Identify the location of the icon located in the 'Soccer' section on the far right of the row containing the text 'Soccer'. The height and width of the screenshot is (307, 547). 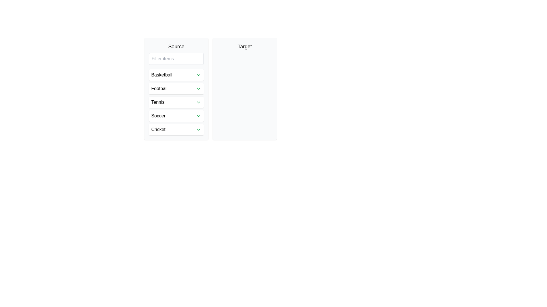
(198, 116).